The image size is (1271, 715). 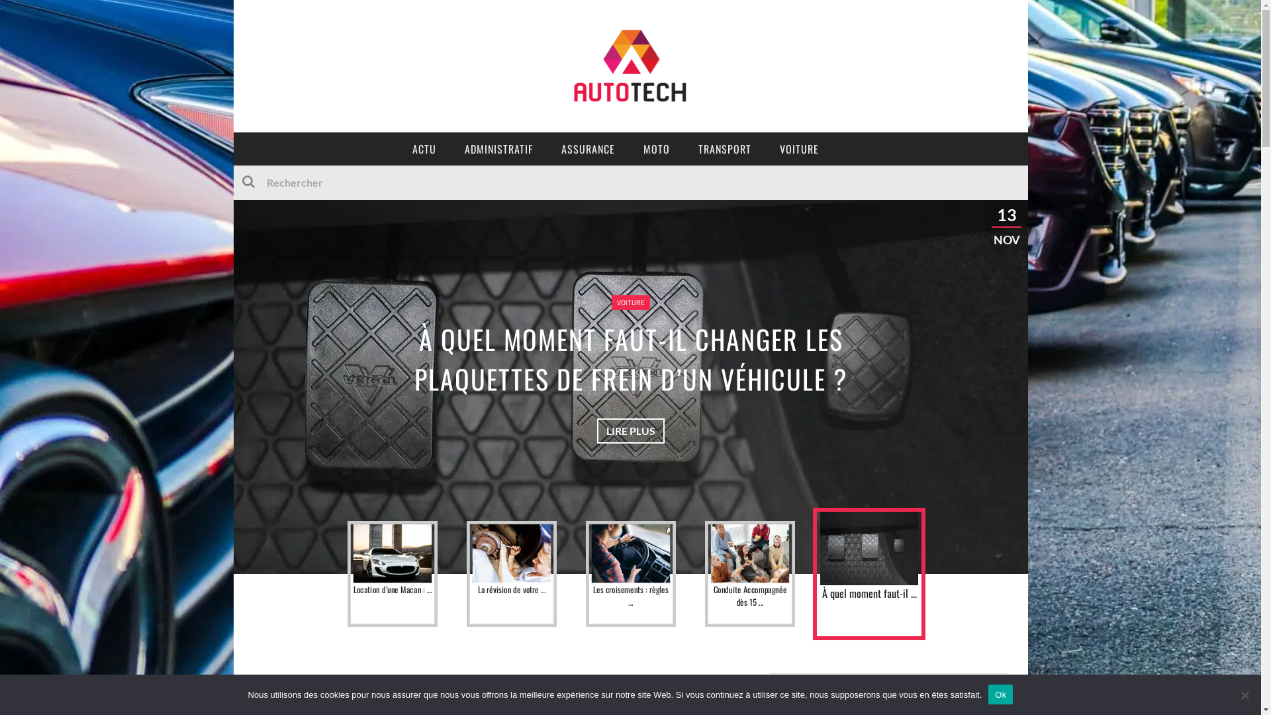 What do you see at coordinates (424, 148) in the screenshot?
I see `'ACTU'` at bounding box center [424, 148].